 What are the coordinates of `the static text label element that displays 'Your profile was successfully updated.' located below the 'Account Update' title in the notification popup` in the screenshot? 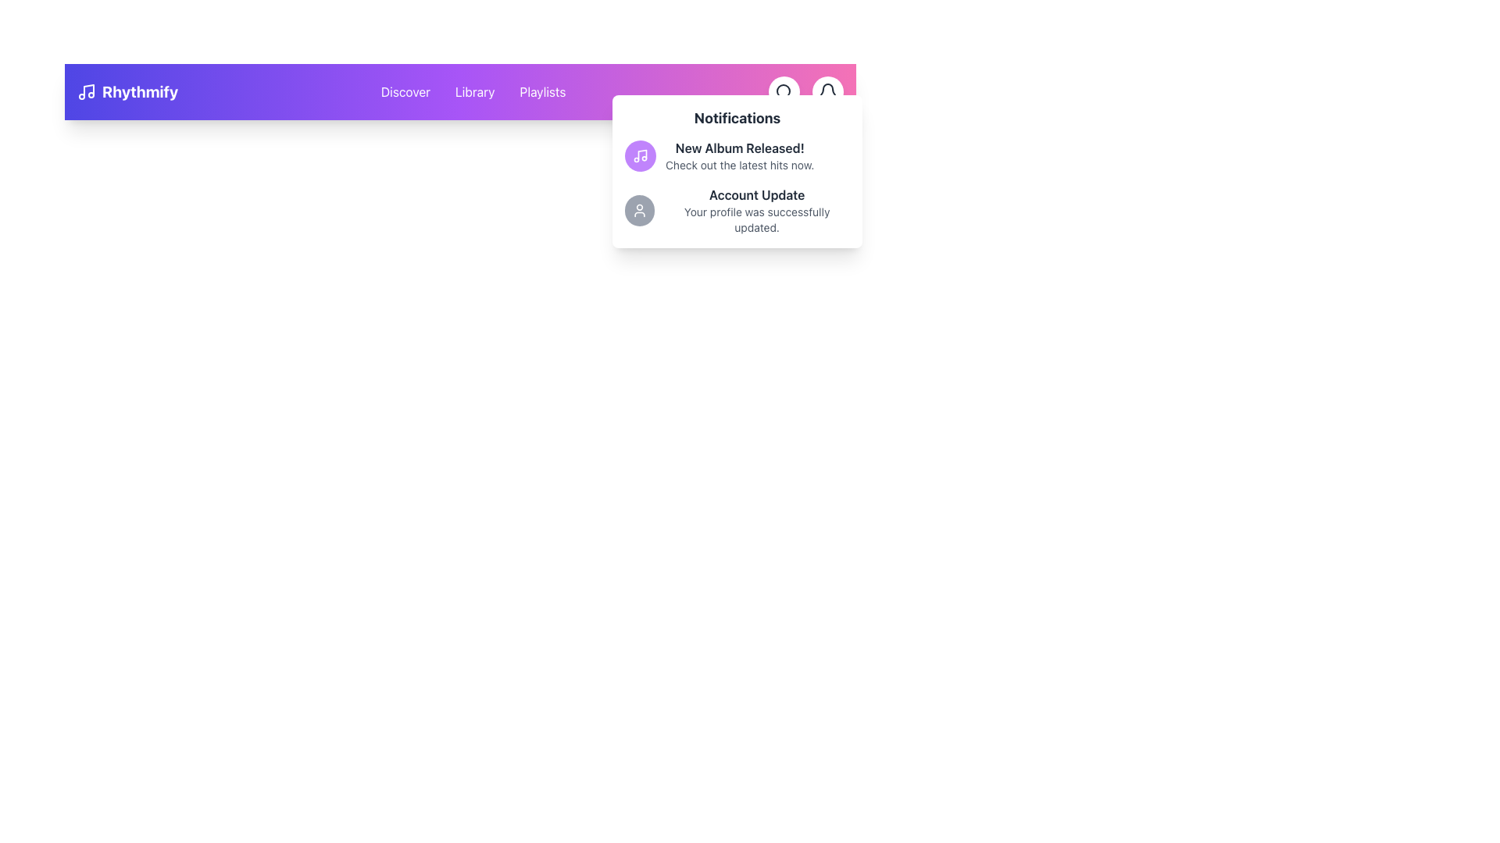 It's located at (757, 219).